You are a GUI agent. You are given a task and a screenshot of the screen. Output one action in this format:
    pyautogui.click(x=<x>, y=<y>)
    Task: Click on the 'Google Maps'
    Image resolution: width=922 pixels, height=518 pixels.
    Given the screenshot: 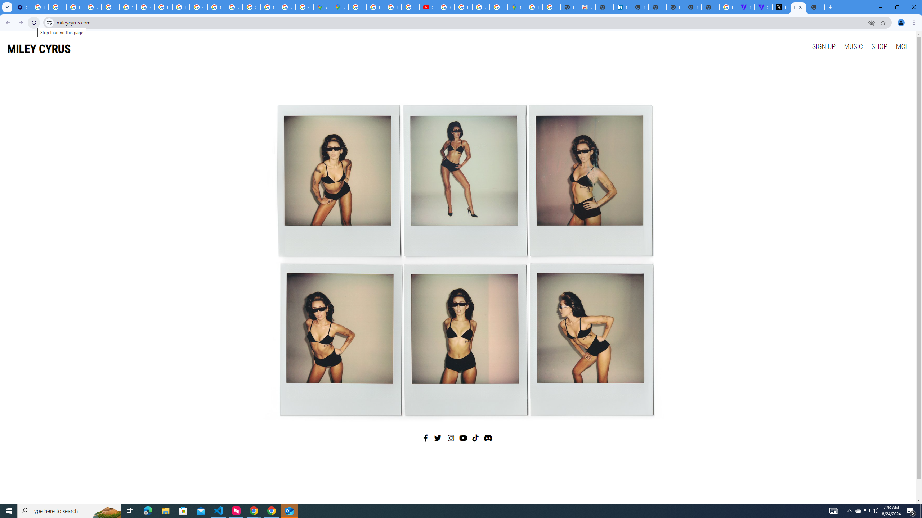 What is the action you would take?
    pyautogui.click(x=339, y=7)
    